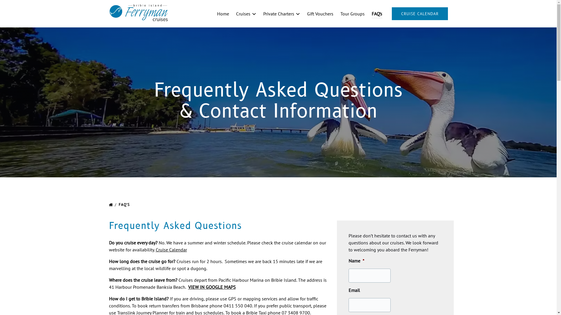 The image size is (561, 315). What do you see at coordinates (18, 6) in the screenshot?
I see `'Skip to content'` at bounding box center [18, 6].